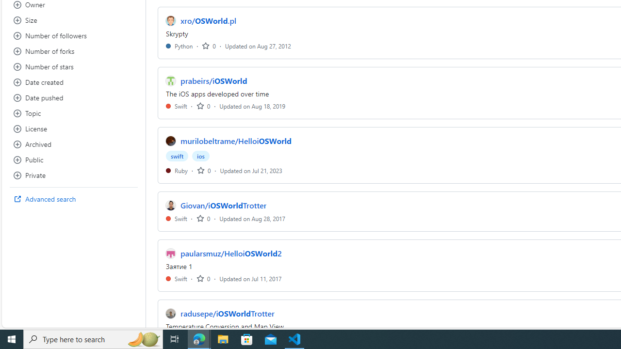 Image resolution: width=621 pixels, height=349 pixels. What do you see at coordinates (177, 278) in the screenshot?
I see `'Swift'` at bounding box center [177, 278].